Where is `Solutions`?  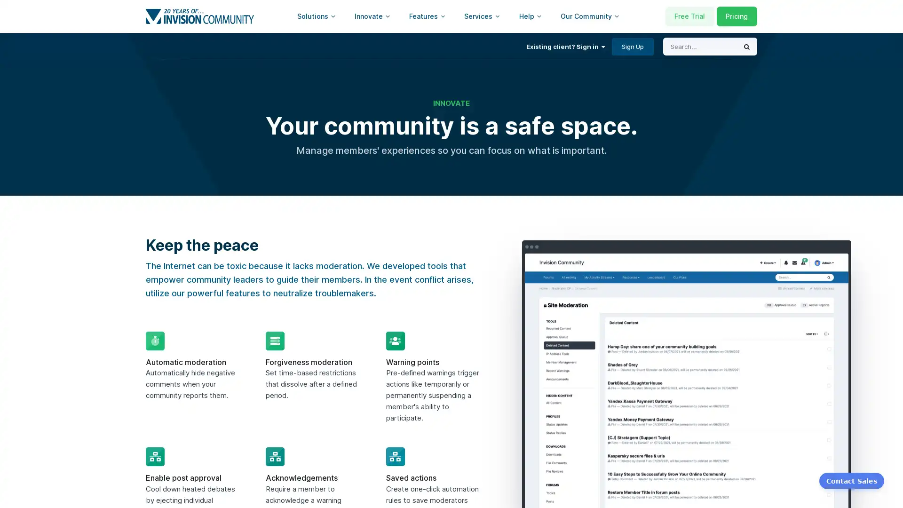
Solutions is located at coordinates (316, 16).